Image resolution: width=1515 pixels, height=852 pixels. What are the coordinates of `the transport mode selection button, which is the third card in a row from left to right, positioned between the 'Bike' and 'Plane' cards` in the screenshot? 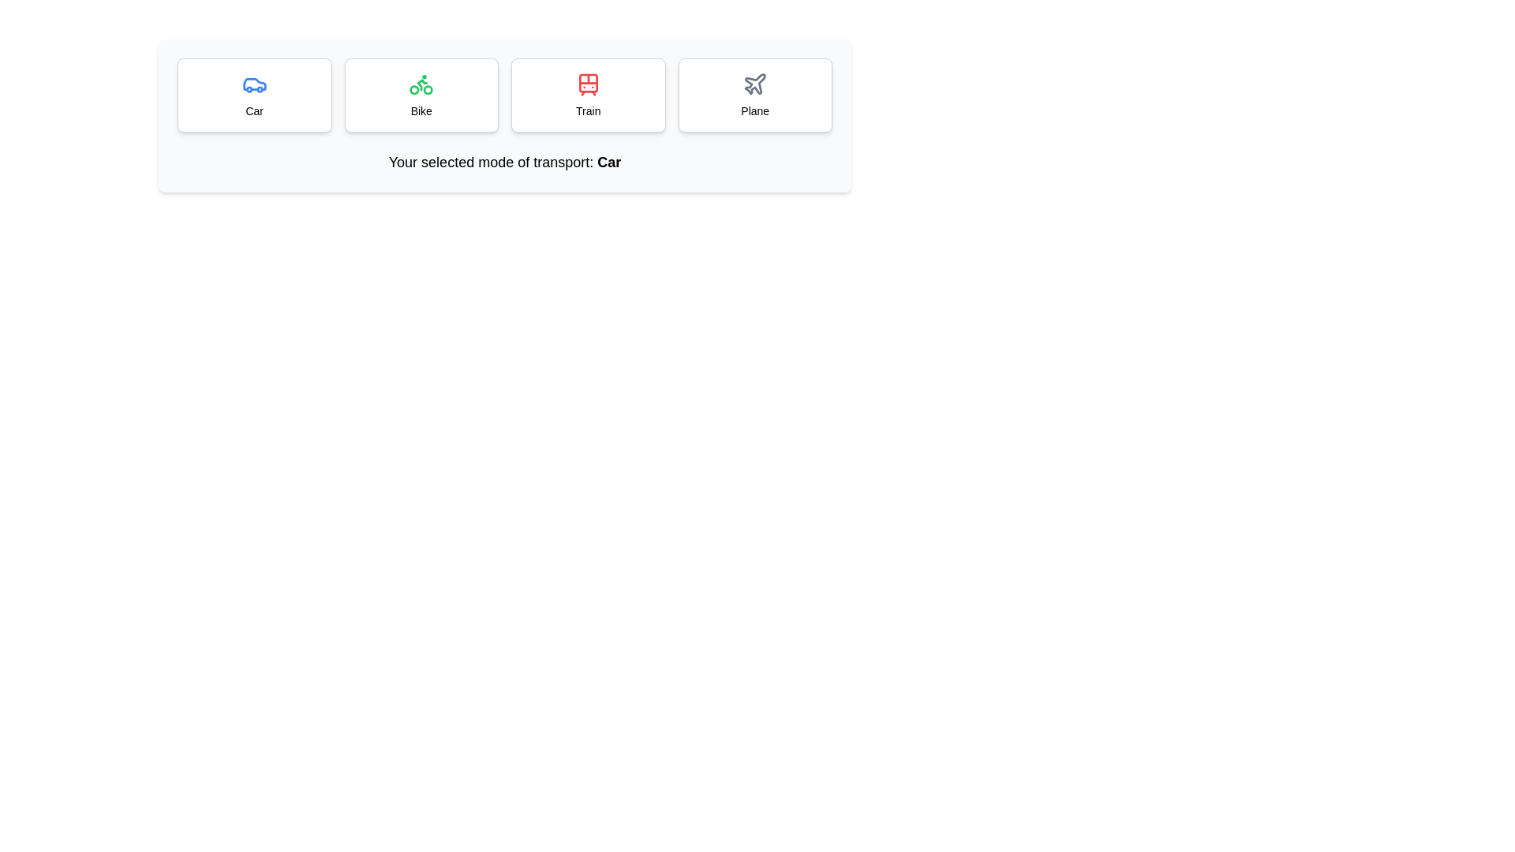 It's located at (587, 95).